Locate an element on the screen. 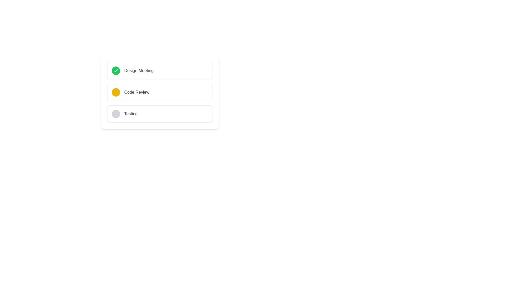 The image size is (507, 285). the green circular icon containing the checkmark to the left of the 'Design Meeting' text is located at coordinates (115, 70).